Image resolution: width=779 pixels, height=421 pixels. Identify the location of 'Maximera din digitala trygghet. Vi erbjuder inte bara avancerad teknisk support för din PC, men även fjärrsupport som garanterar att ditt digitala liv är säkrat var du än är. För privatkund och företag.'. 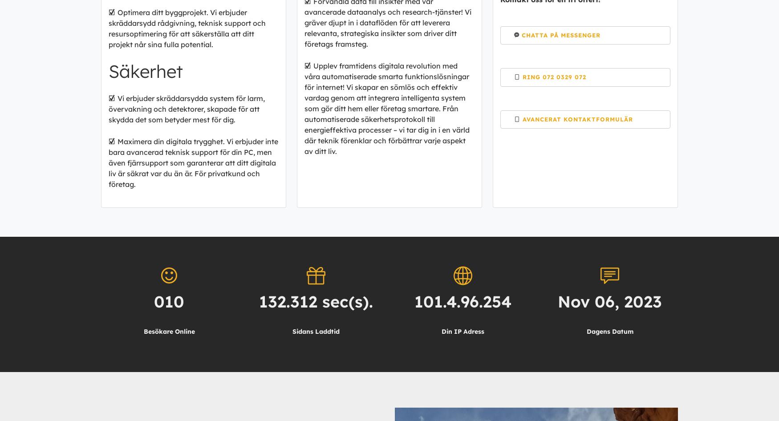
(193, 162).